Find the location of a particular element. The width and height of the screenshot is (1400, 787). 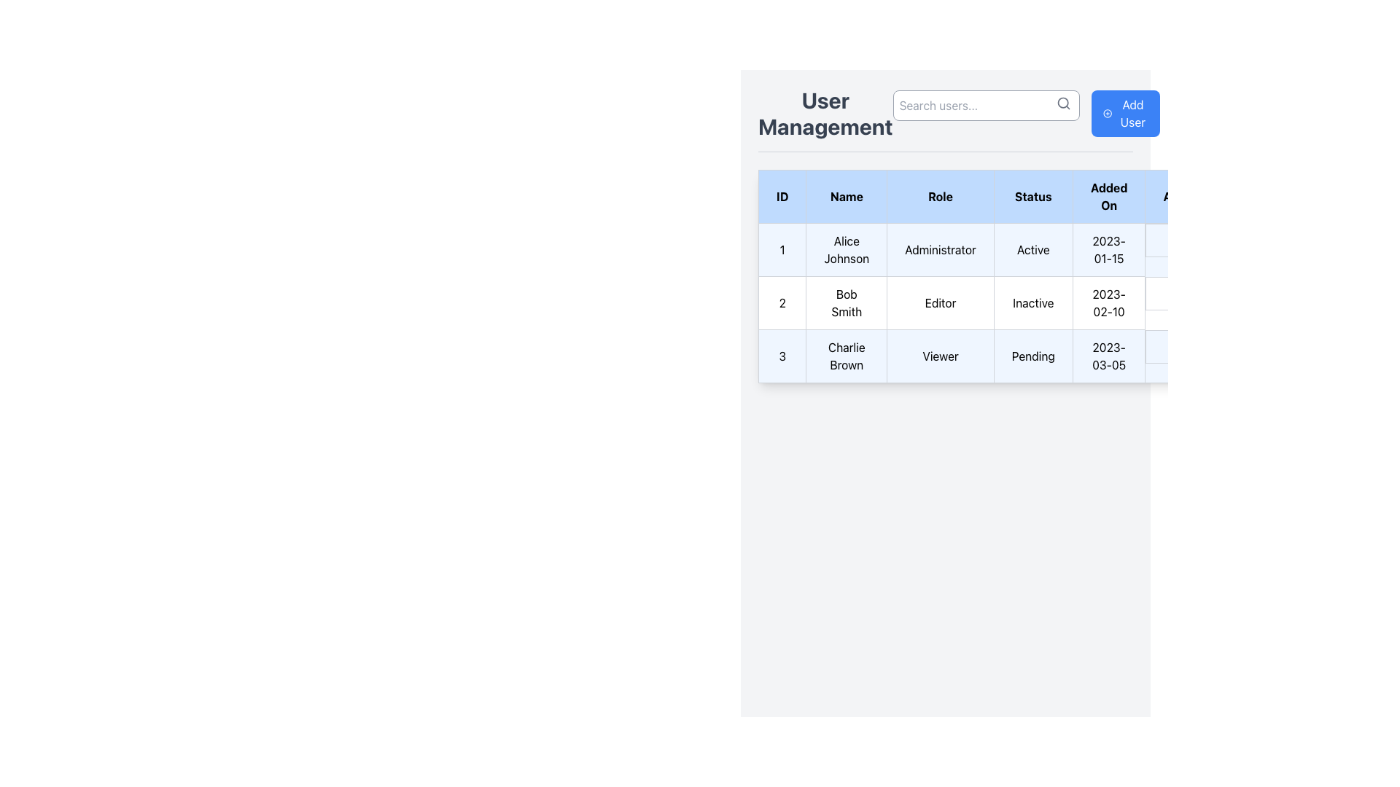

the third row in the user information table displaying details for Charlie Brown, which includes user ID, name, role, status, and date is located at coordinates (991, 356).